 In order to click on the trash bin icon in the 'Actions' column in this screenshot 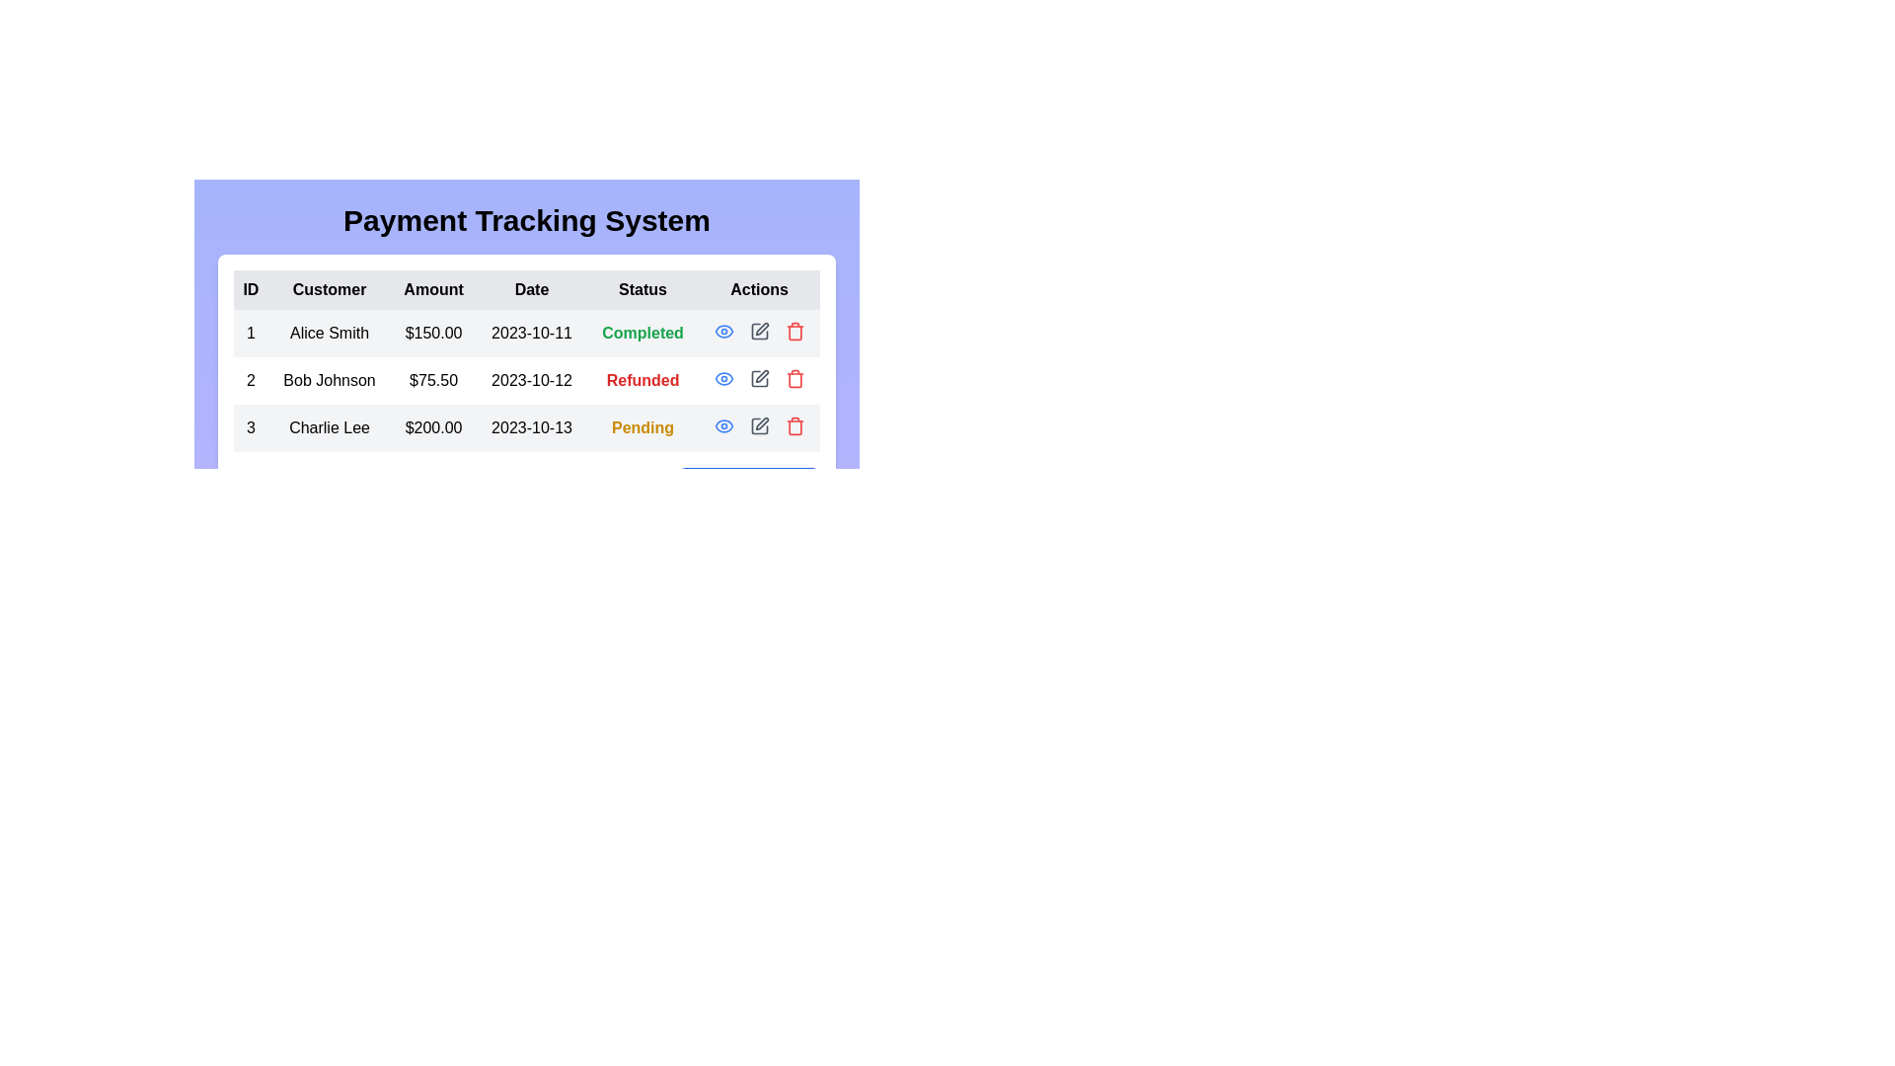, I will do `click(795, 330)`.